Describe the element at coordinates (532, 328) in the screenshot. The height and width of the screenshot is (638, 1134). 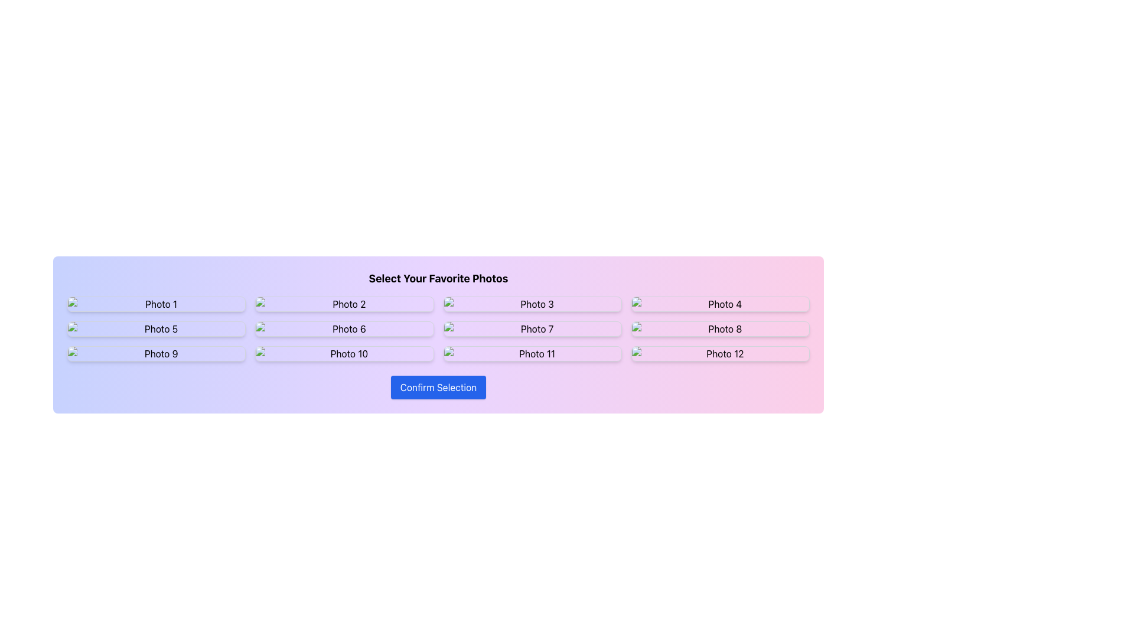
I see `the Image Placeholder labeled 'Photo 7', which is a rectangular element in a grid layout, positioned as the seventh item in the grid` at that location.